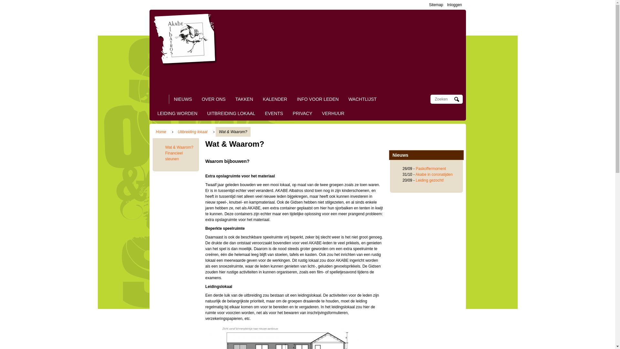 This screenshot has height=349, width=620. What do you see at coordinates (443, 99) in the screenshot?
I see `'Geef de woorden op waarnaar u wilt zoeken.'` at bounding box center [443, 99].